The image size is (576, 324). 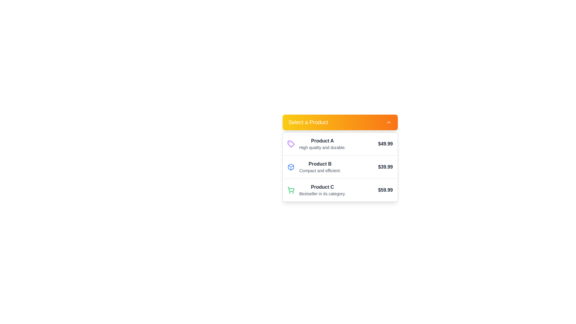 What do you see at coordinates (322, 148) in the screenshot?
I see `the static text label that provides additional information about 'Product A', located below its title in the product list` at bounding box center [322, 148].